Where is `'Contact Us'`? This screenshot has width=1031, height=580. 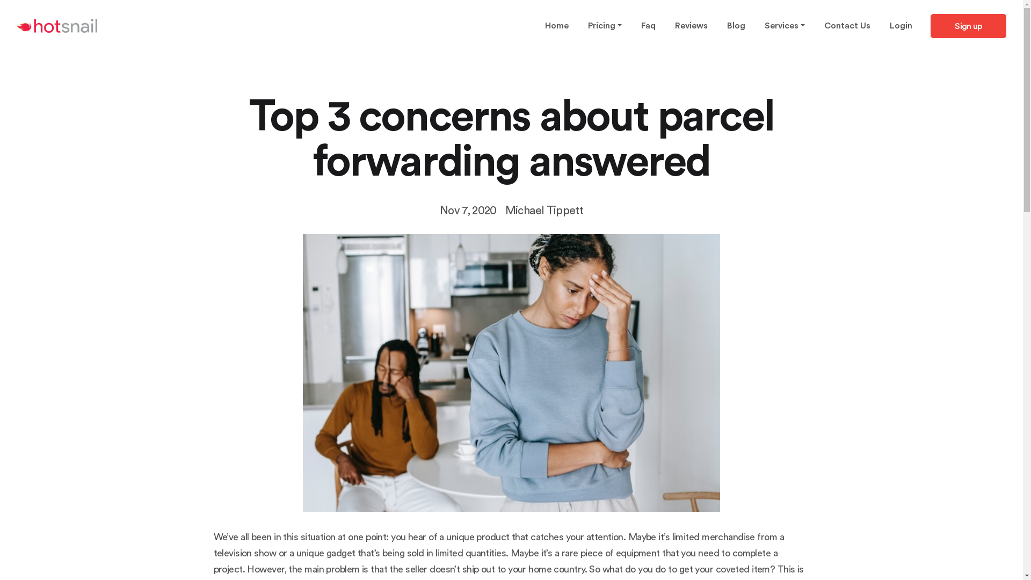 'Contact Us' is located at coordinates (847, 25).